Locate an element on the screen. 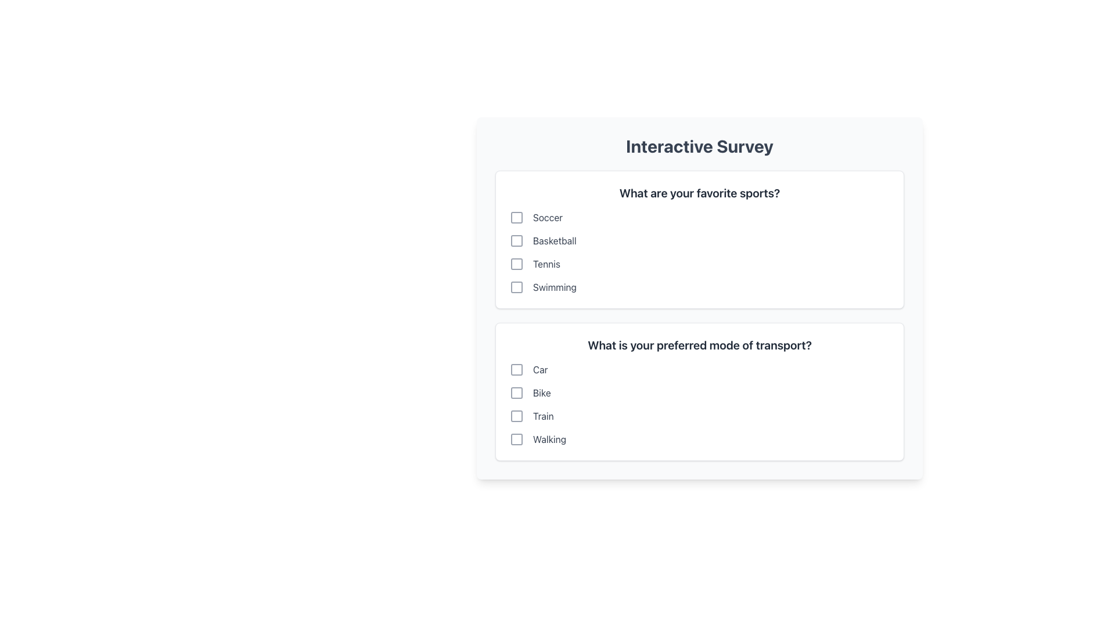 This screenshot has width=1115, height=627. the checkbox for 'Walking' is located at coordinates (516, 439).